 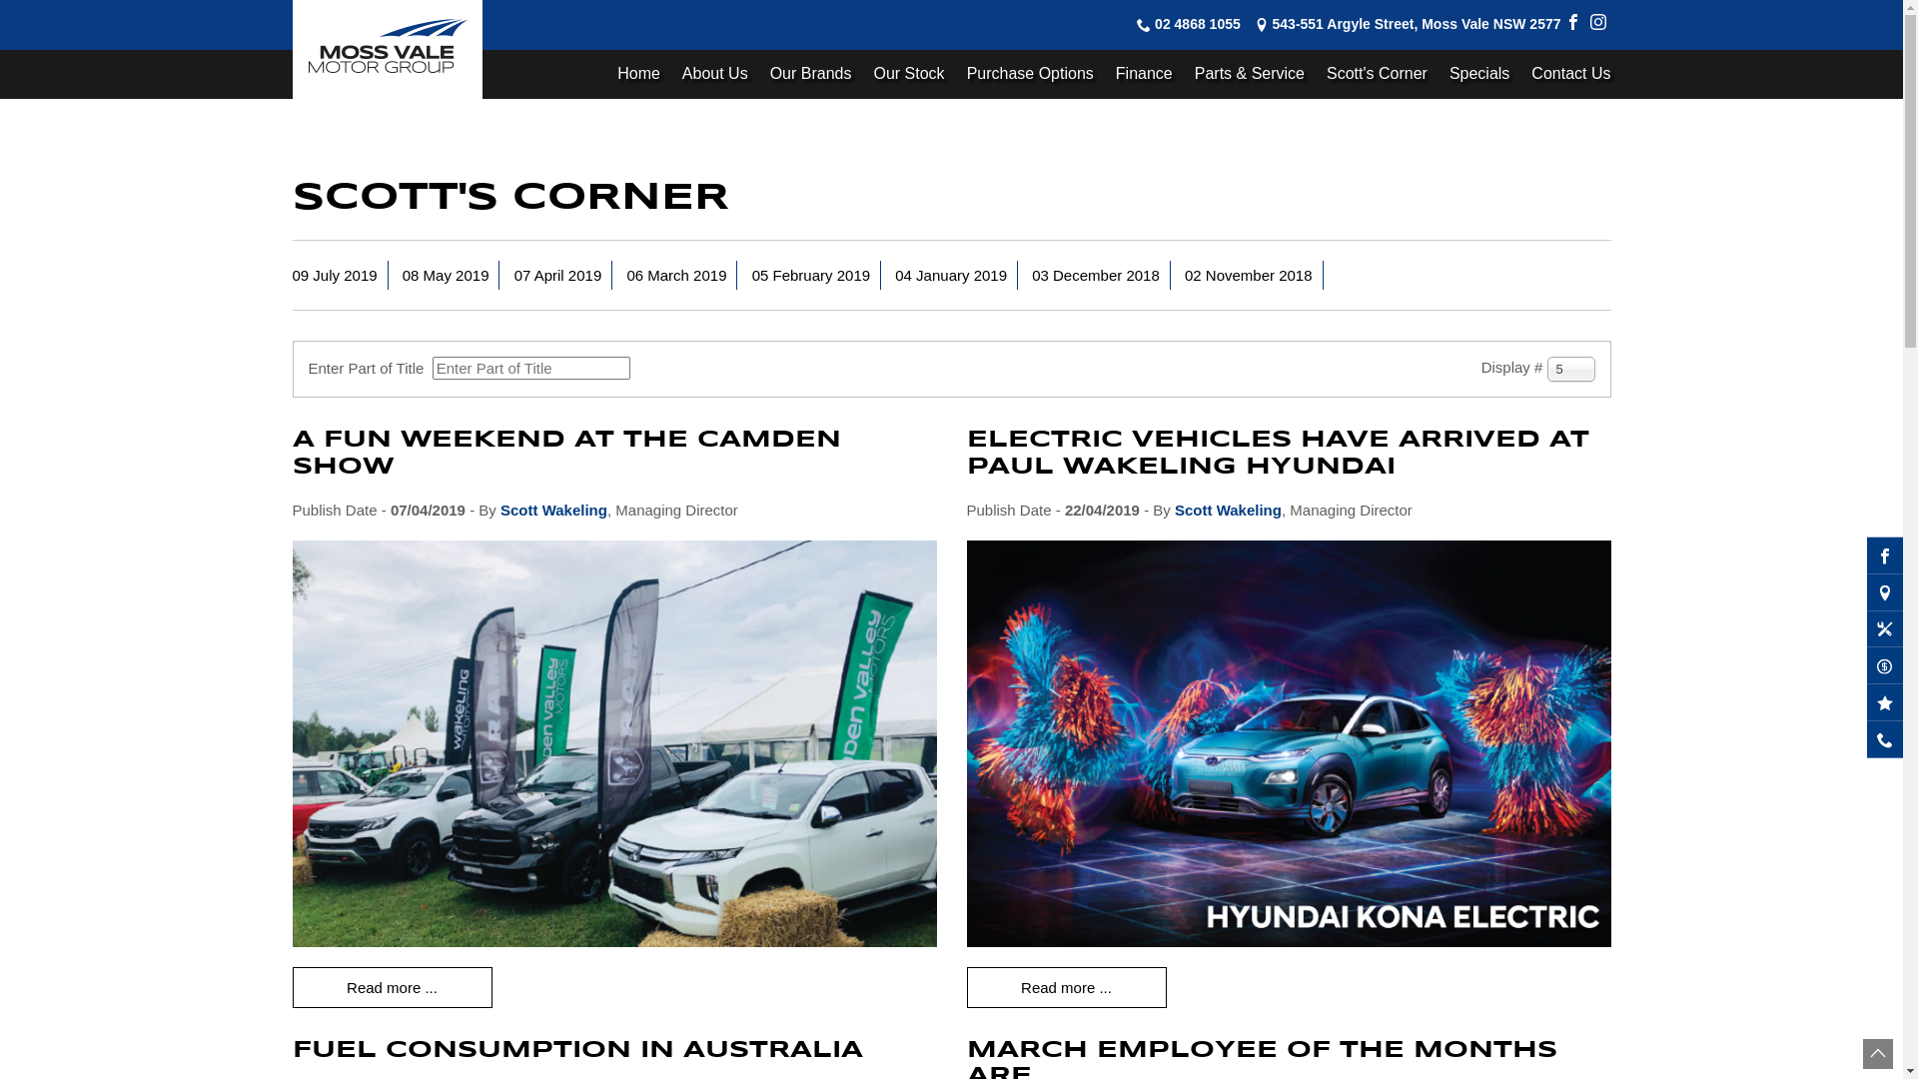 I want to click on 'Home', so click(x=637, y=72).